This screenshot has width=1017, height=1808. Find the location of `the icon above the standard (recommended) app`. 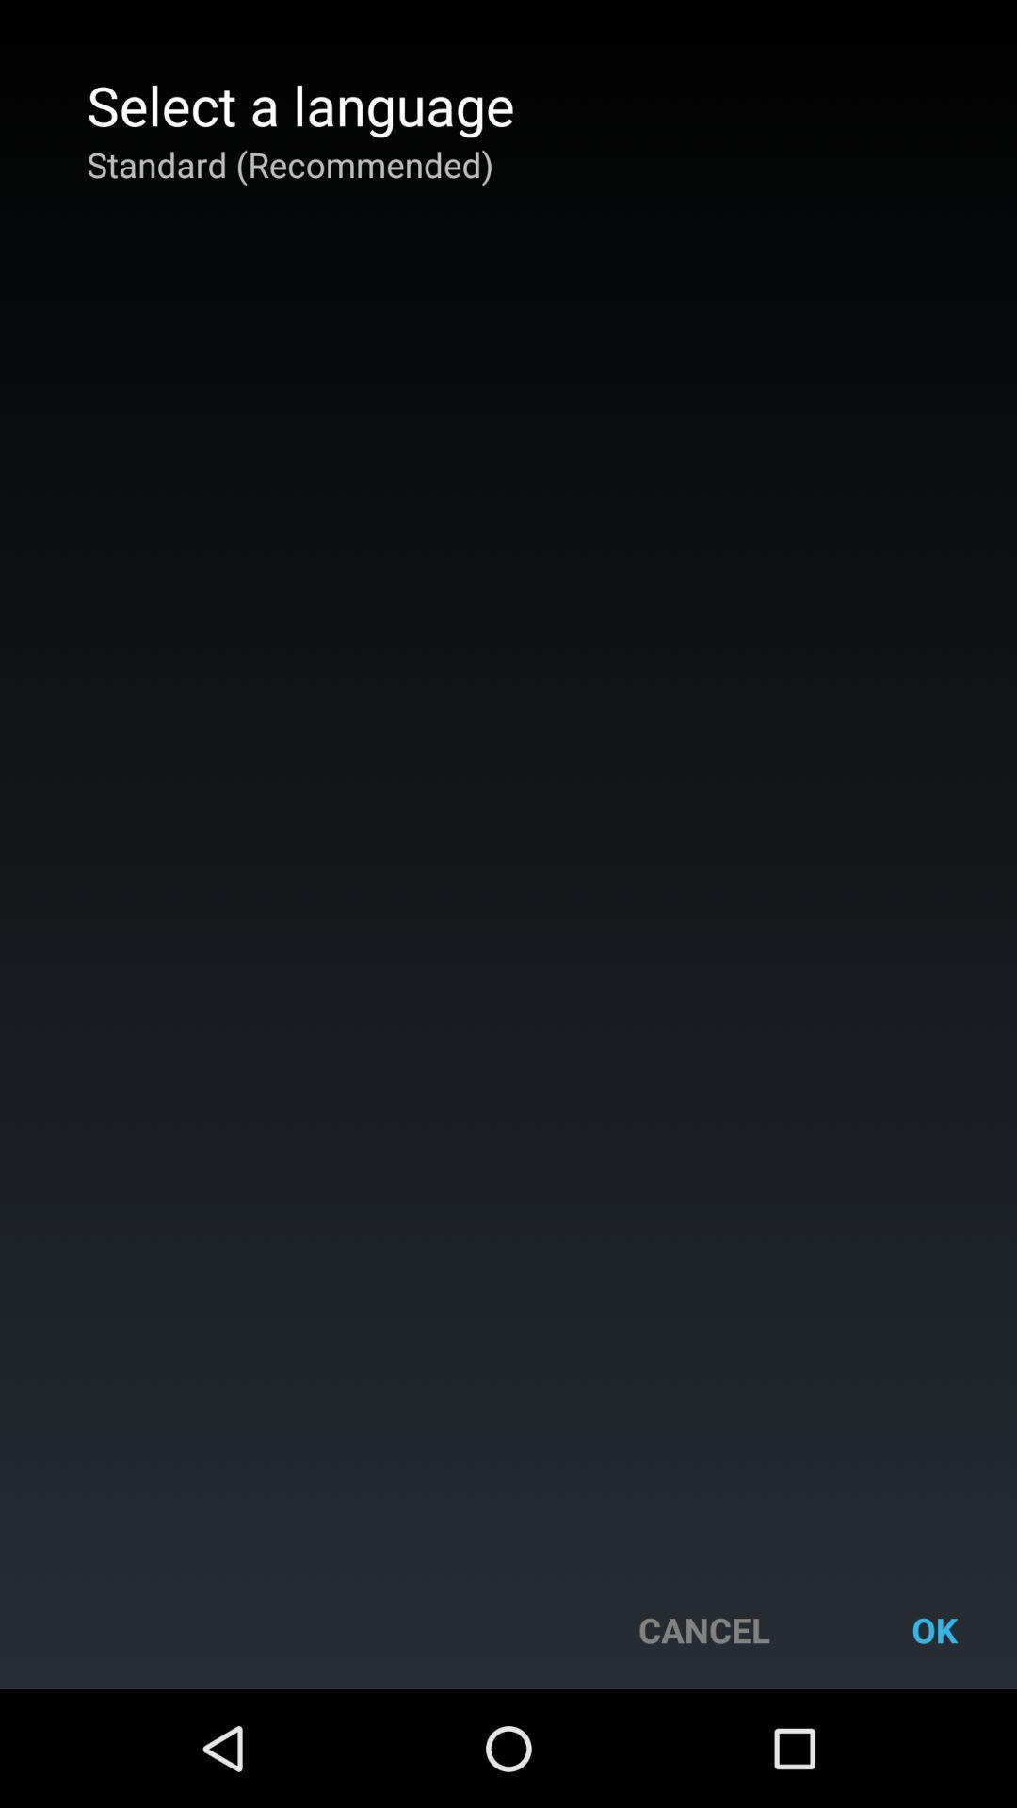

the icon above the standard (recommended) app is located at coordinates (299, 104).